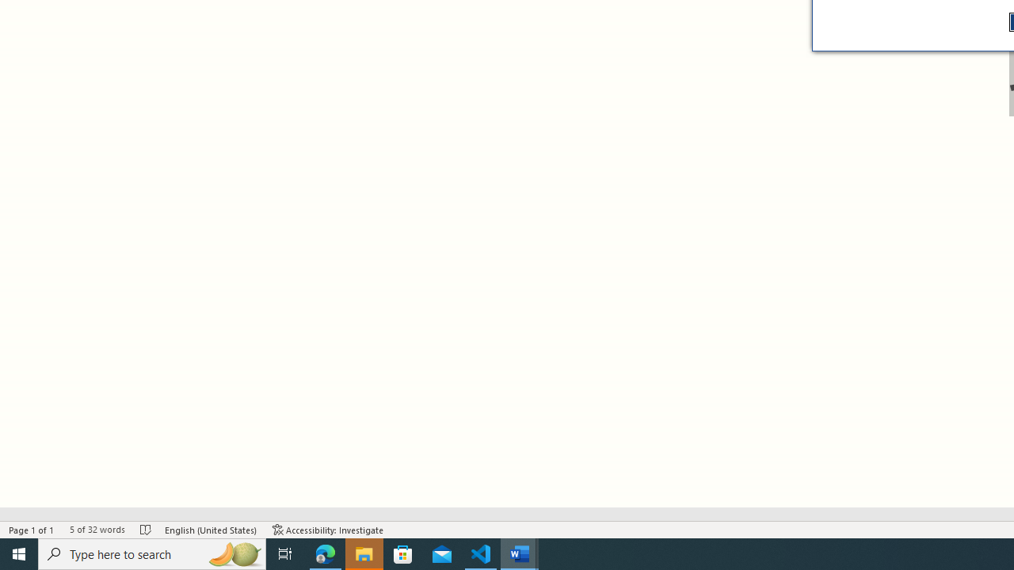 This screenshot has width=1014, height=570. What do you see at coordinates (152, 553) in the screenshot?
I see `'Type here to search'` at bounding box center [152, 553].